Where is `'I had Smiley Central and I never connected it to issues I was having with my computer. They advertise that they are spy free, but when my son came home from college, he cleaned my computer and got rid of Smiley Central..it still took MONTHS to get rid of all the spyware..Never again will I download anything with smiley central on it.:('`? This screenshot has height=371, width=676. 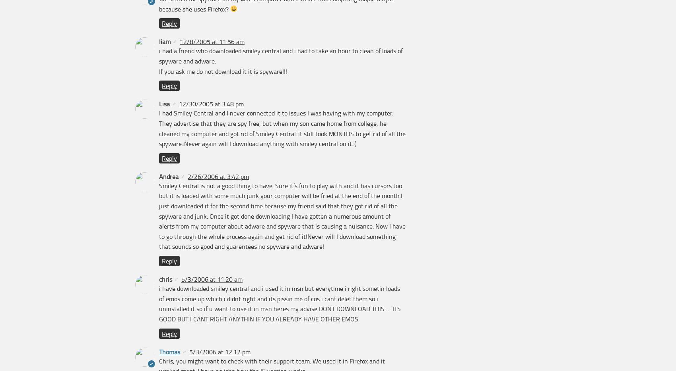 'I had Smiley Central and I never connected it to issues I was having with my computer. They advertise that they are spy free, but when my son came home from college, he cleaned my computer and got rid of Smiley Central..it still took MONTHS to get rid of all the spyware..Never again will I download anything with smiley central on it.:(' is located at coordinates (282, 128).